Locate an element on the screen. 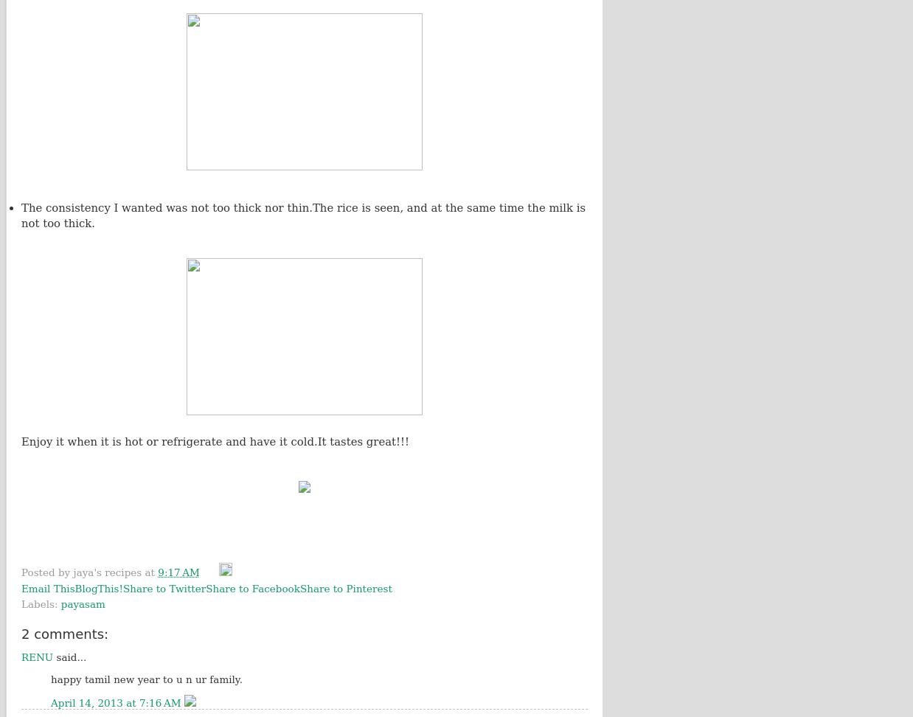  'said...' is located at coordinates (69, 657).